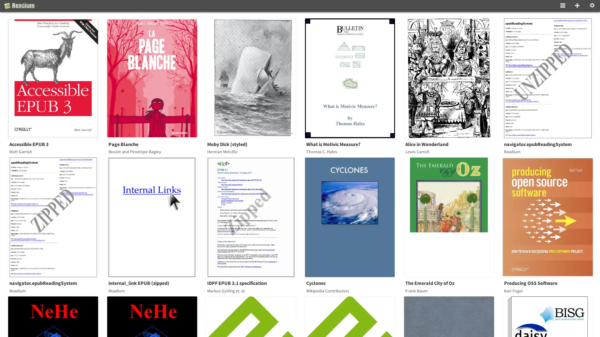  Describe the element at coordinates (354, 217) in the screenshot. I see `(10) Cyclones` at that location.